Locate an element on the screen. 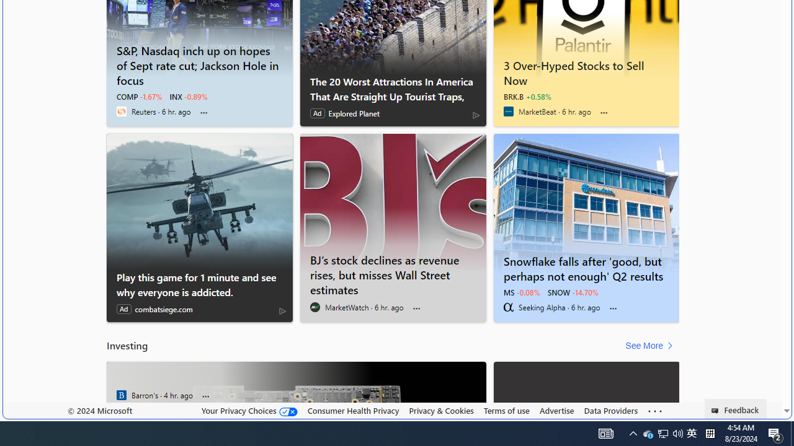  'Class: feedback_link_icon-DS-EntryPoint1-1' is located at coordinates (717, 411).